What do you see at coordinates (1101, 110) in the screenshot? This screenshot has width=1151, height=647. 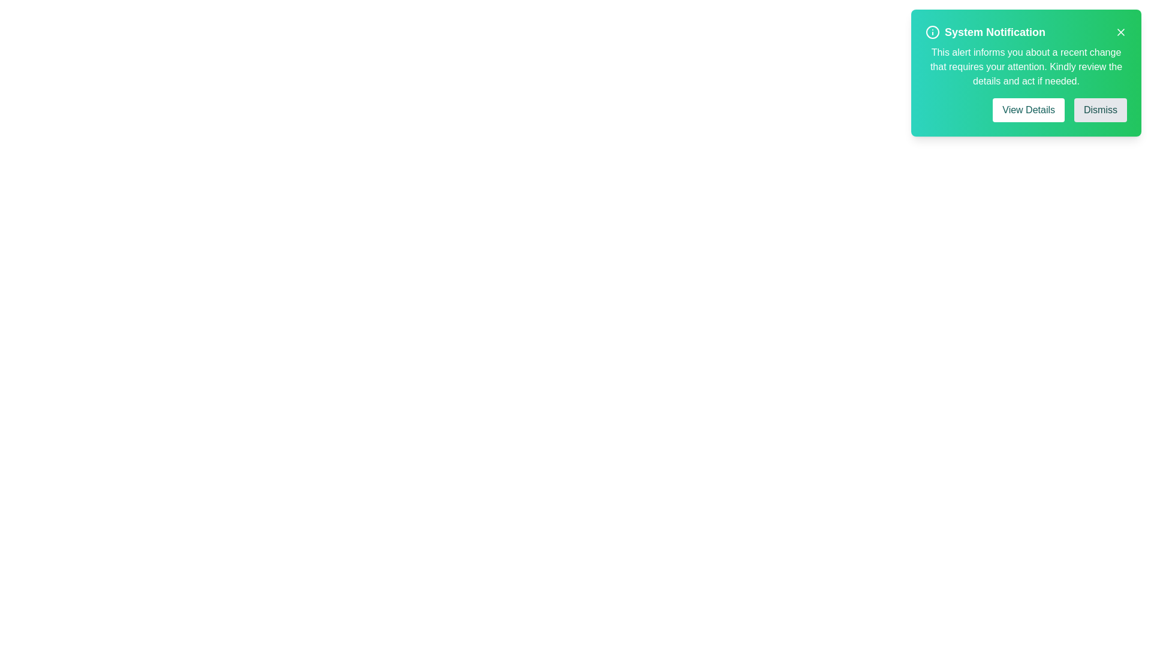 I see `the 'Dismiss' button to observe visual feedback` at bounding box center [1101, 110].